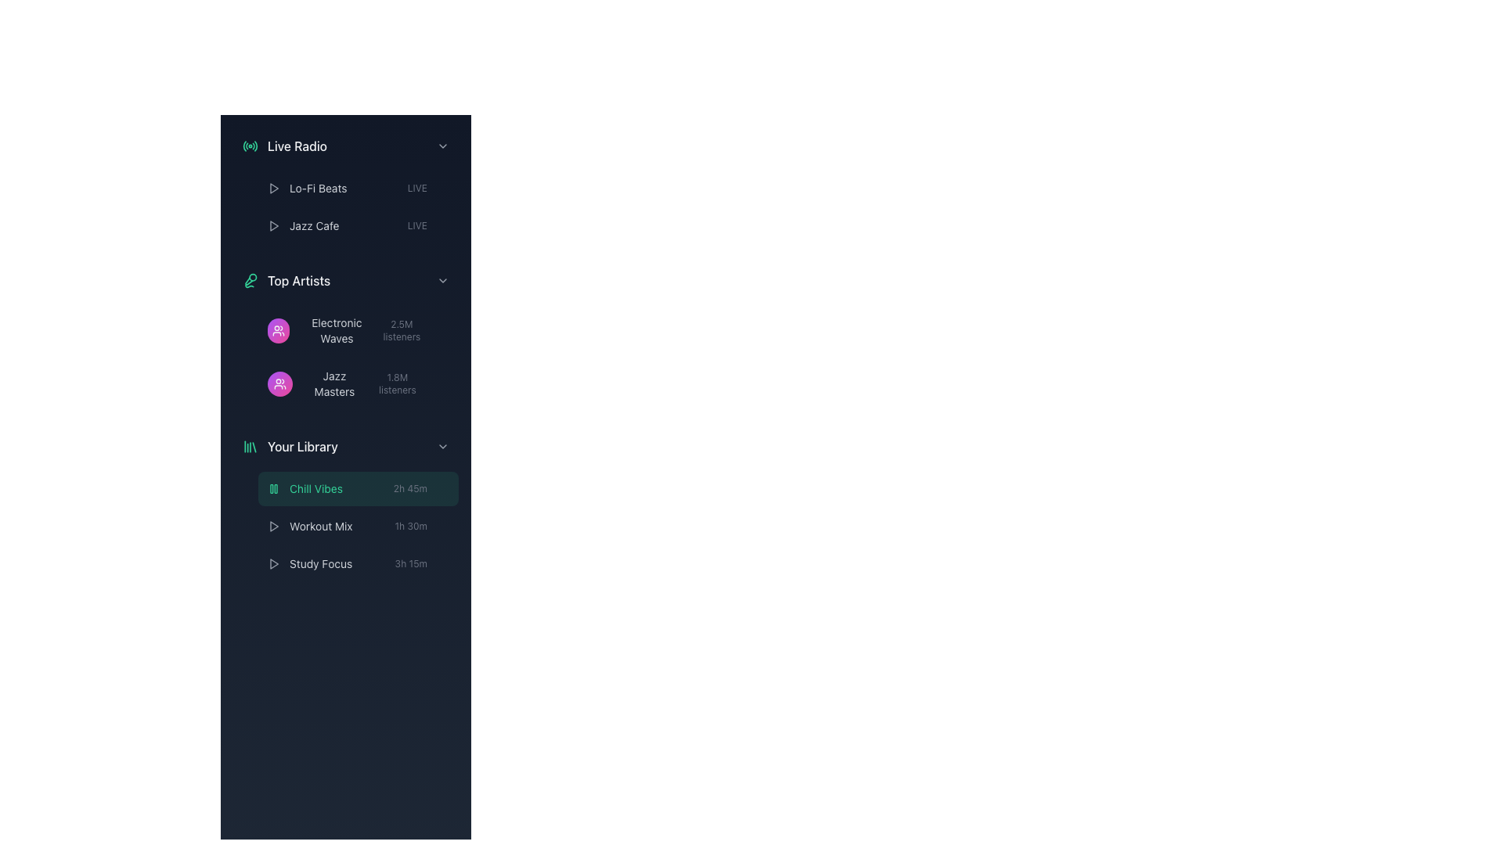 This screenshot has height=845, width=1503. Describe the element at coordinates (274, 226) in the screenshot. I see `the play button, which appears as a triangular glyph styled in gray and turns green upon interaction, located under the 'Jazz Cafe' text in the 'Live Radio' section` at that location.